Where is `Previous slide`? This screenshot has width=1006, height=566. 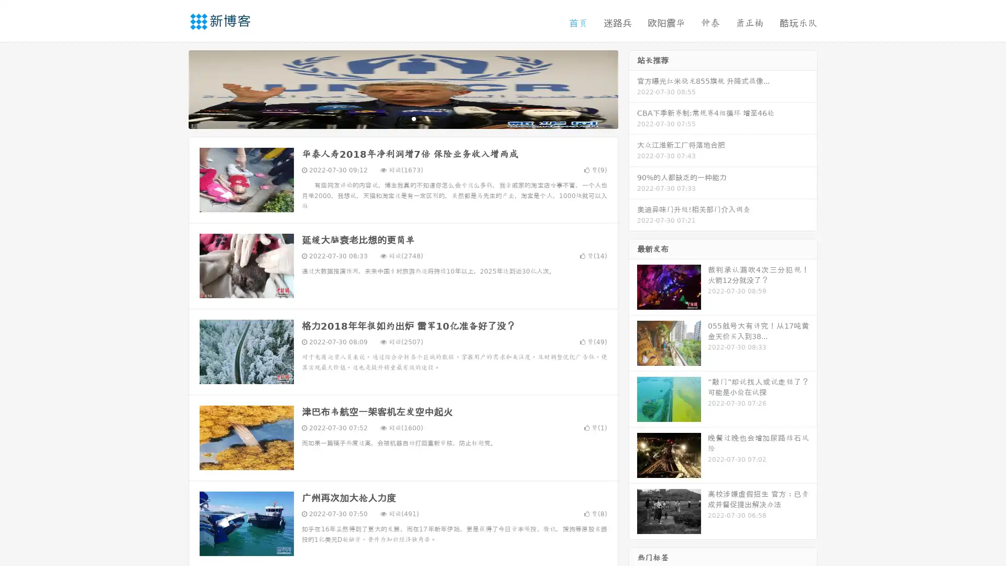 Previous slide is located at coordinates (173, 88).